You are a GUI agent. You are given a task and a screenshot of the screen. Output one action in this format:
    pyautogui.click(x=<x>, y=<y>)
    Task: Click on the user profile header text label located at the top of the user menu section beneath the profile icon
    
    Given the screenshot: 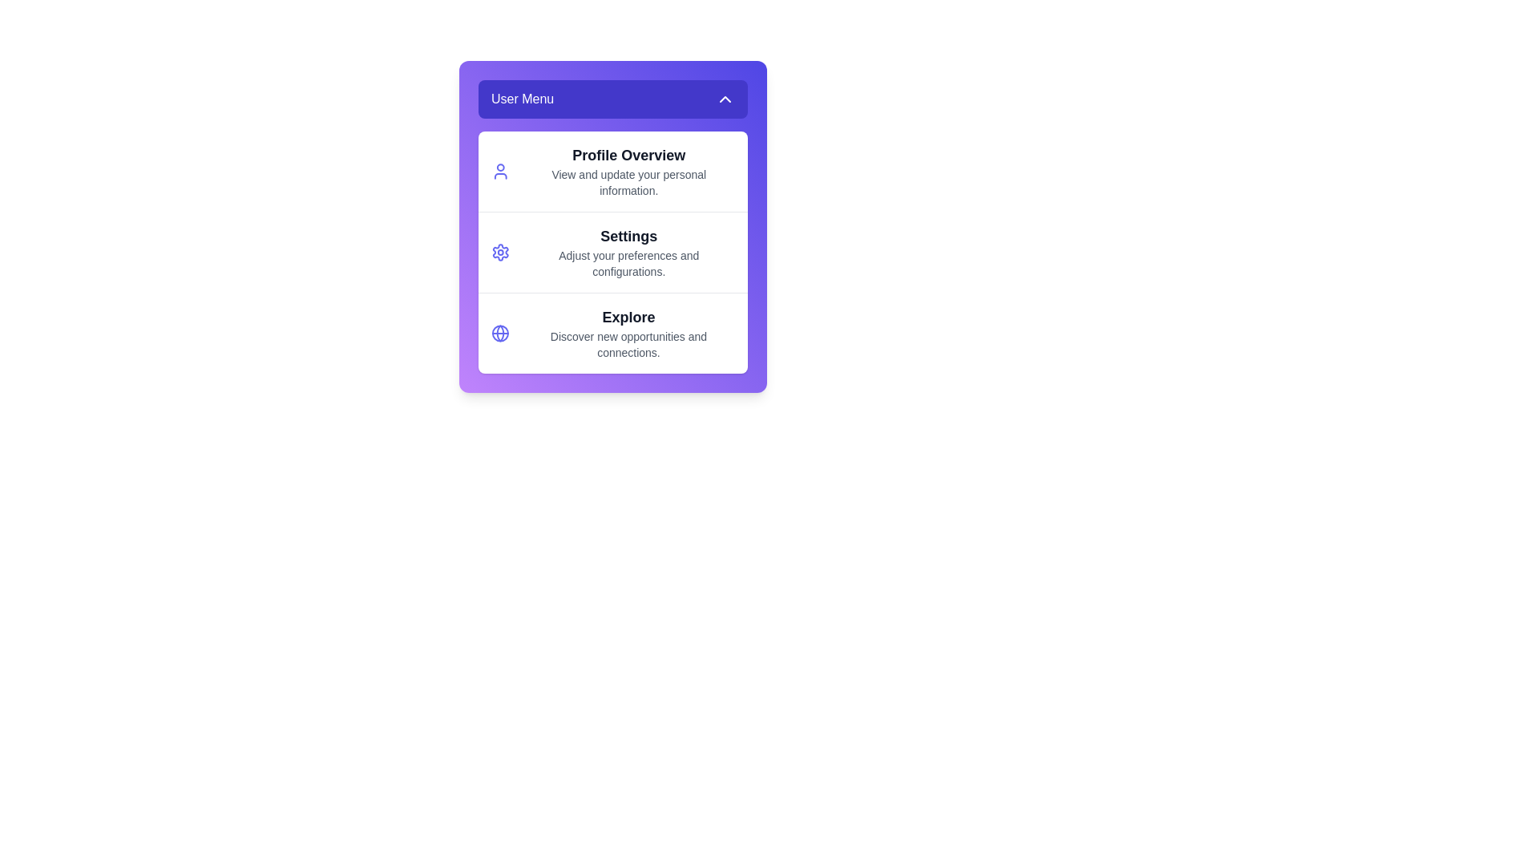 What is the action you would take?
    pyautogui.click(x=628, y=155)
    